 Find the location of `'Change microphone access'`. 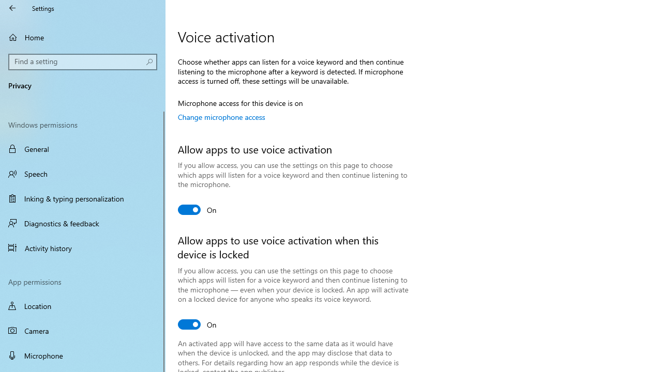

'Change microphone access' is located at coordinates (221, 116).